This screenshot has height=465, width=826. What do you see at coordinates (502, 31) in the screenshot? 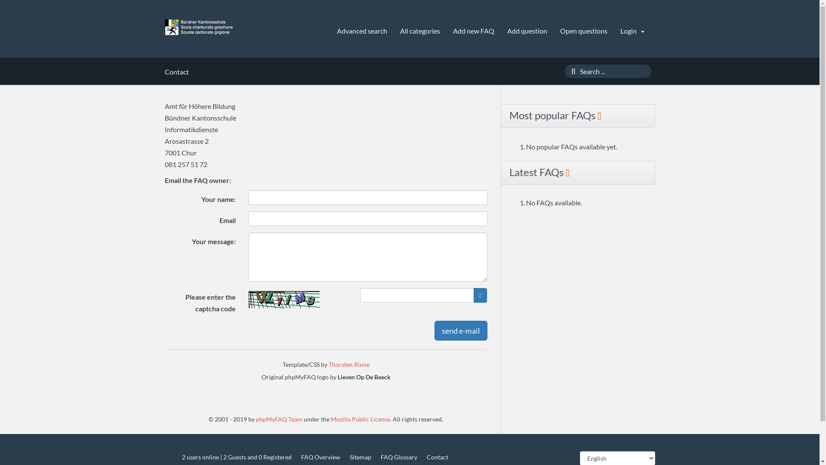
I see `'Add question'` at bounding box center [502, 31].